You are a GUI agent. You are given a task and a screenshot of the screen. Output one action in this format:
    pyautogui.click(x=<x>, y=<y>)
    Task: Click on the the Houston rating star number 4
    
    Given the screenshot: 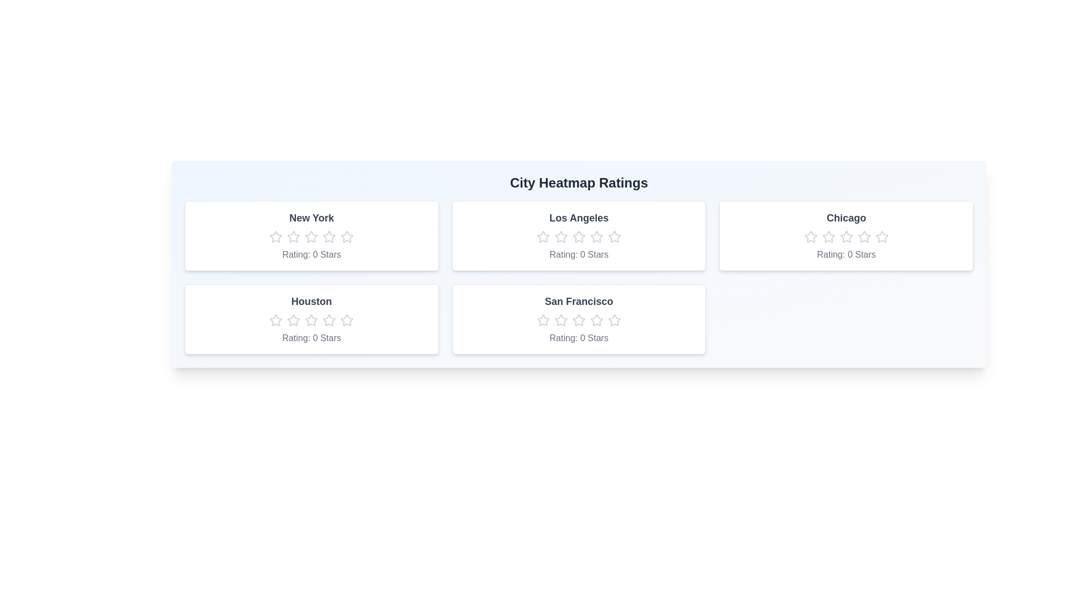 What is the action you would take?
    pyautogui.click(x=329, y=320)
    